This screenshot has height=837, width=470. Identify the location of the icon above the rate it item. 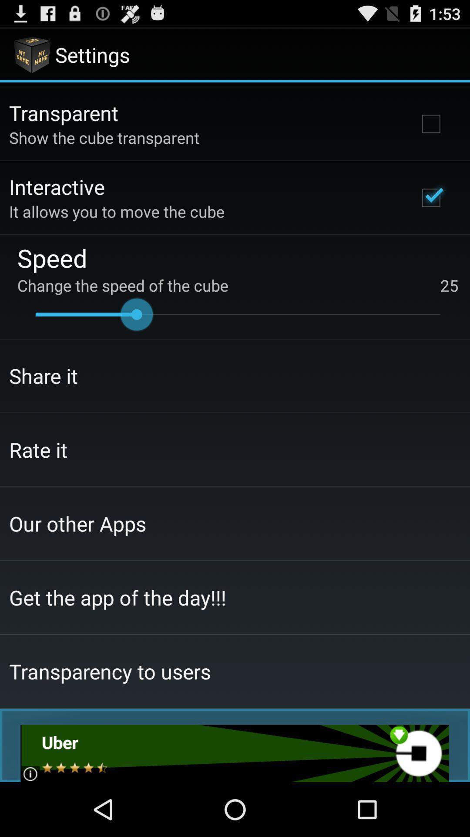
(44, 376).